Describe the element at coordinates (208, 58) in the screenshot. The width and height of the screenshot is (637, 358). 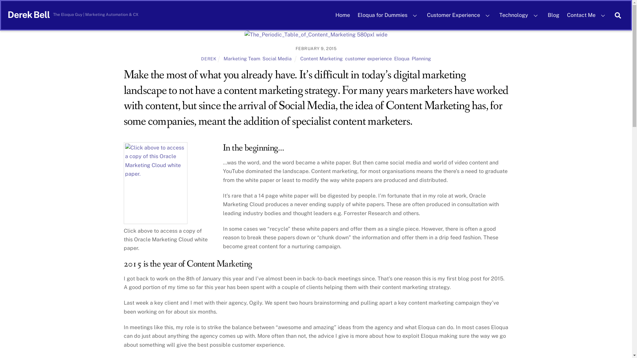
I see `'DEREK'` at that location.